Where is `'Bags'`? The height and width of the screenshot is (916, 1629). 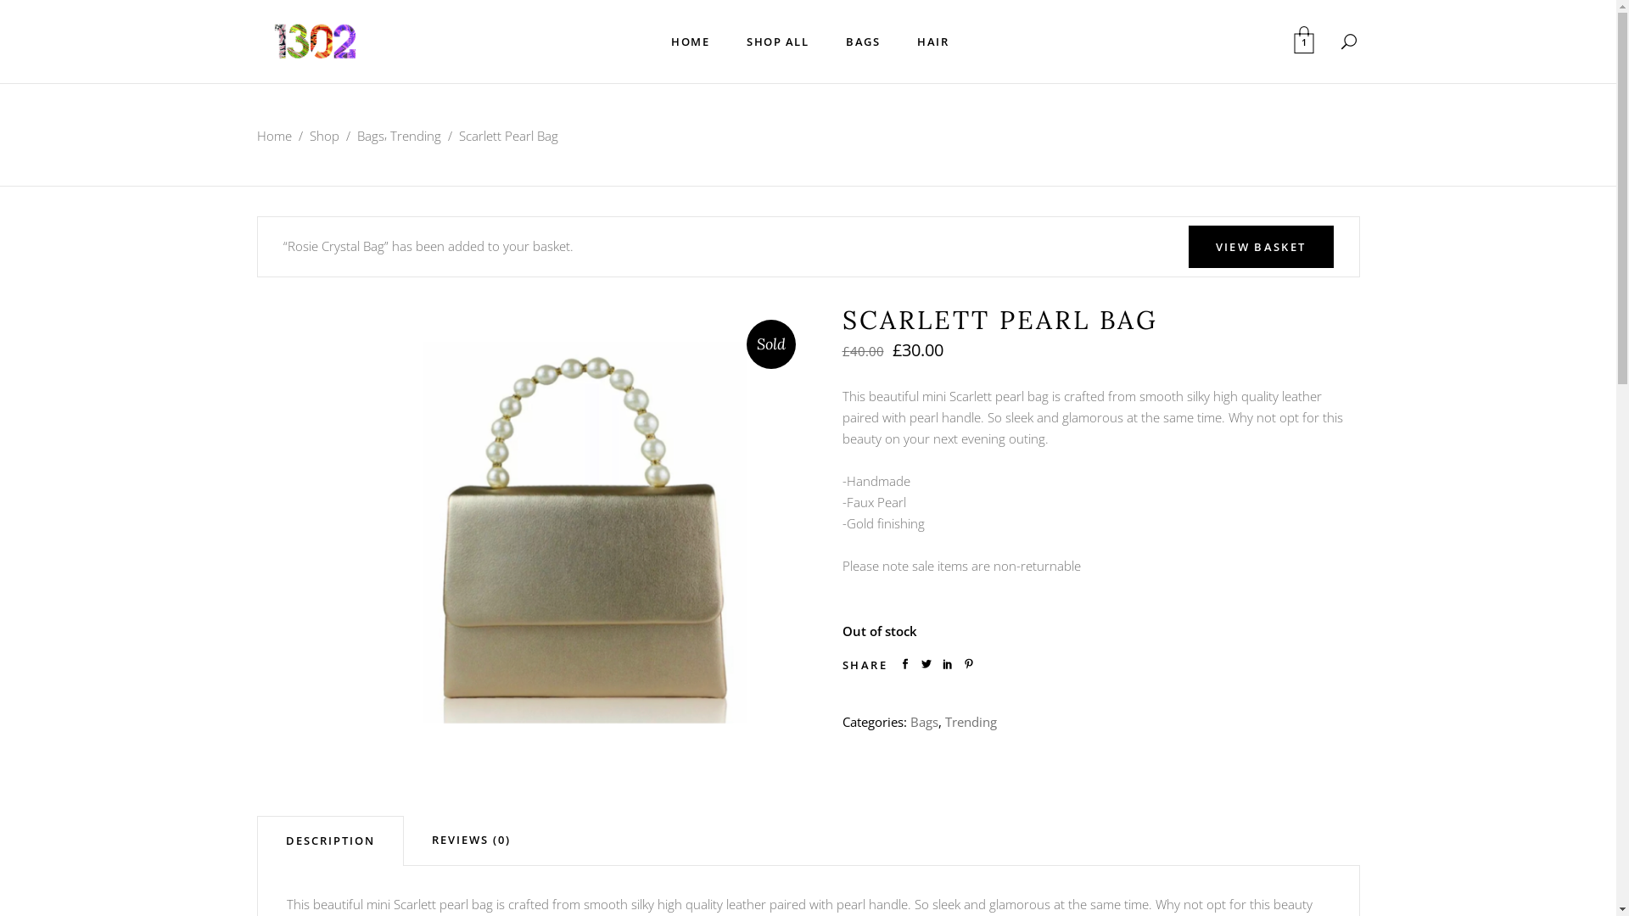
'Bags' is located at coordinates (922, 722).